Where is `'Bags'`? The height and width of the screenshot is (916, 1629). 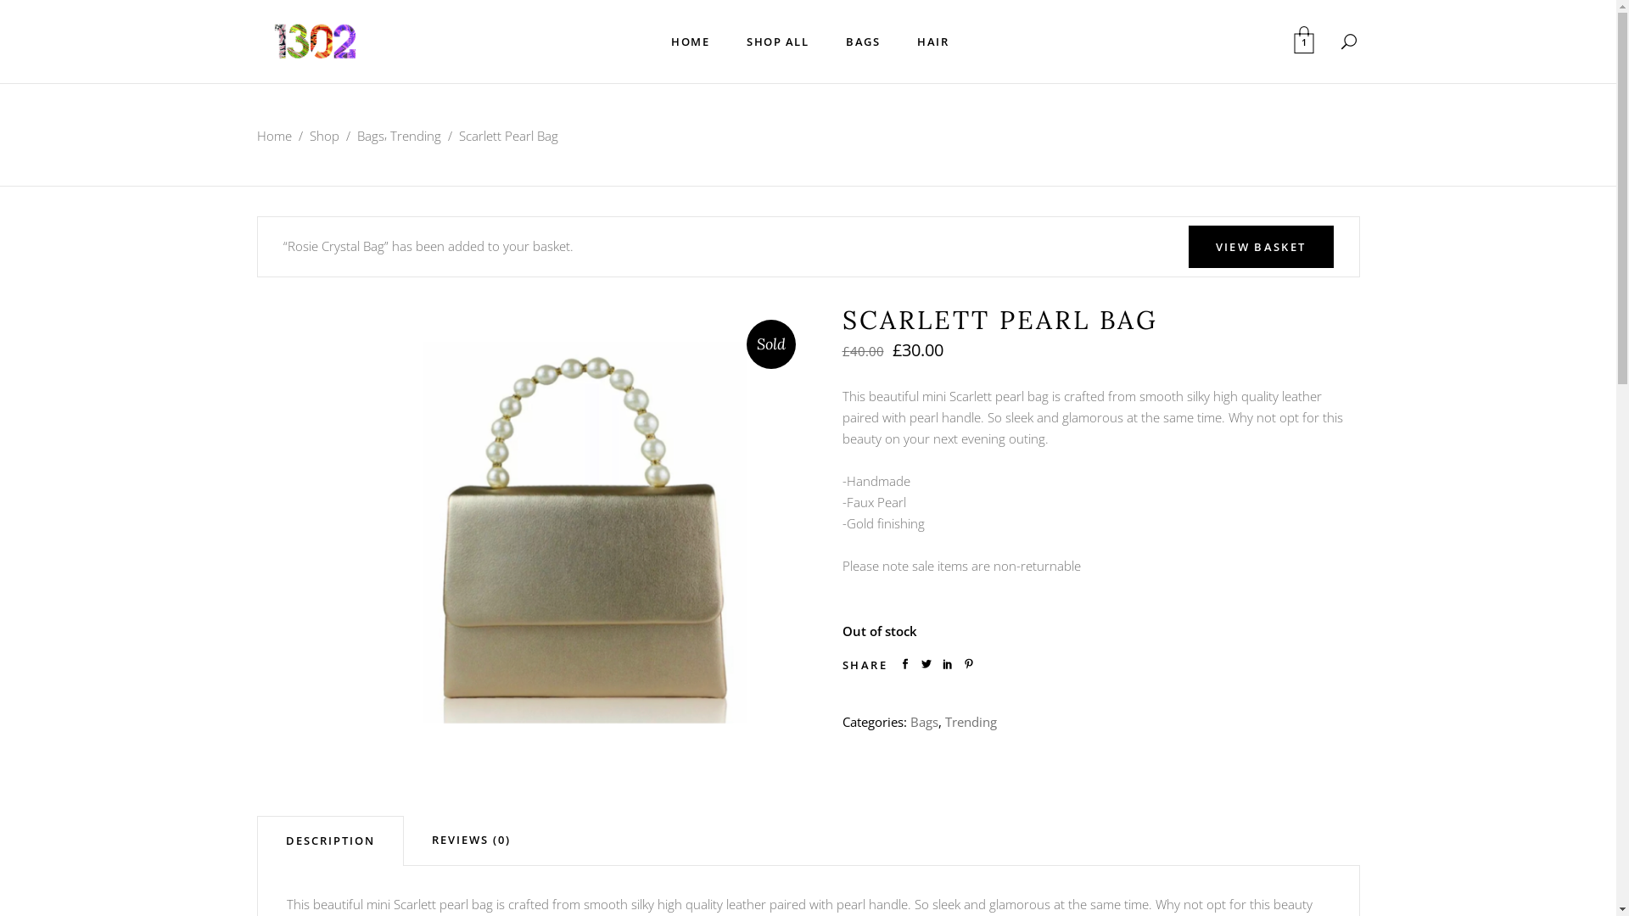
'Bags' is located at coordinates (922, 722).